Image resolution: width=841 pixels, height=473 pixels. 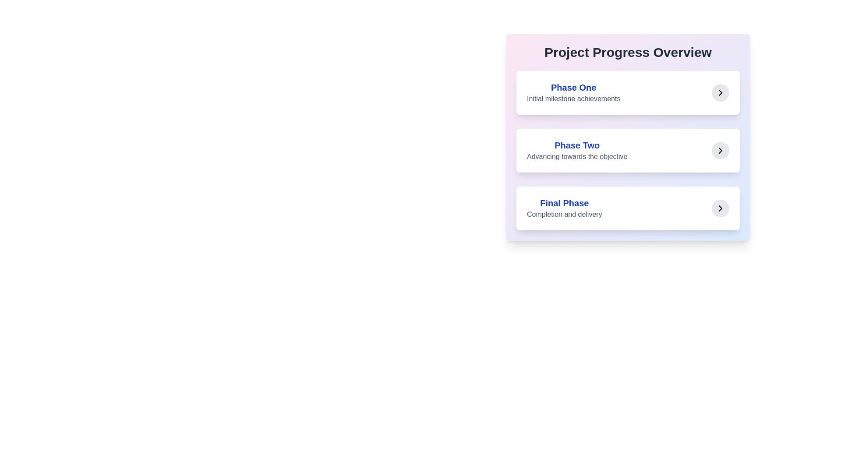 What do you see at coordinates (564, 214) in the screenshot?
I see `the Text Label displaying 'Completion and delivery', which is located directly beneath the heading 'Final Phase' in the boxed section of the 'Project Progress Overview.'` at bounding box center [564, 214].